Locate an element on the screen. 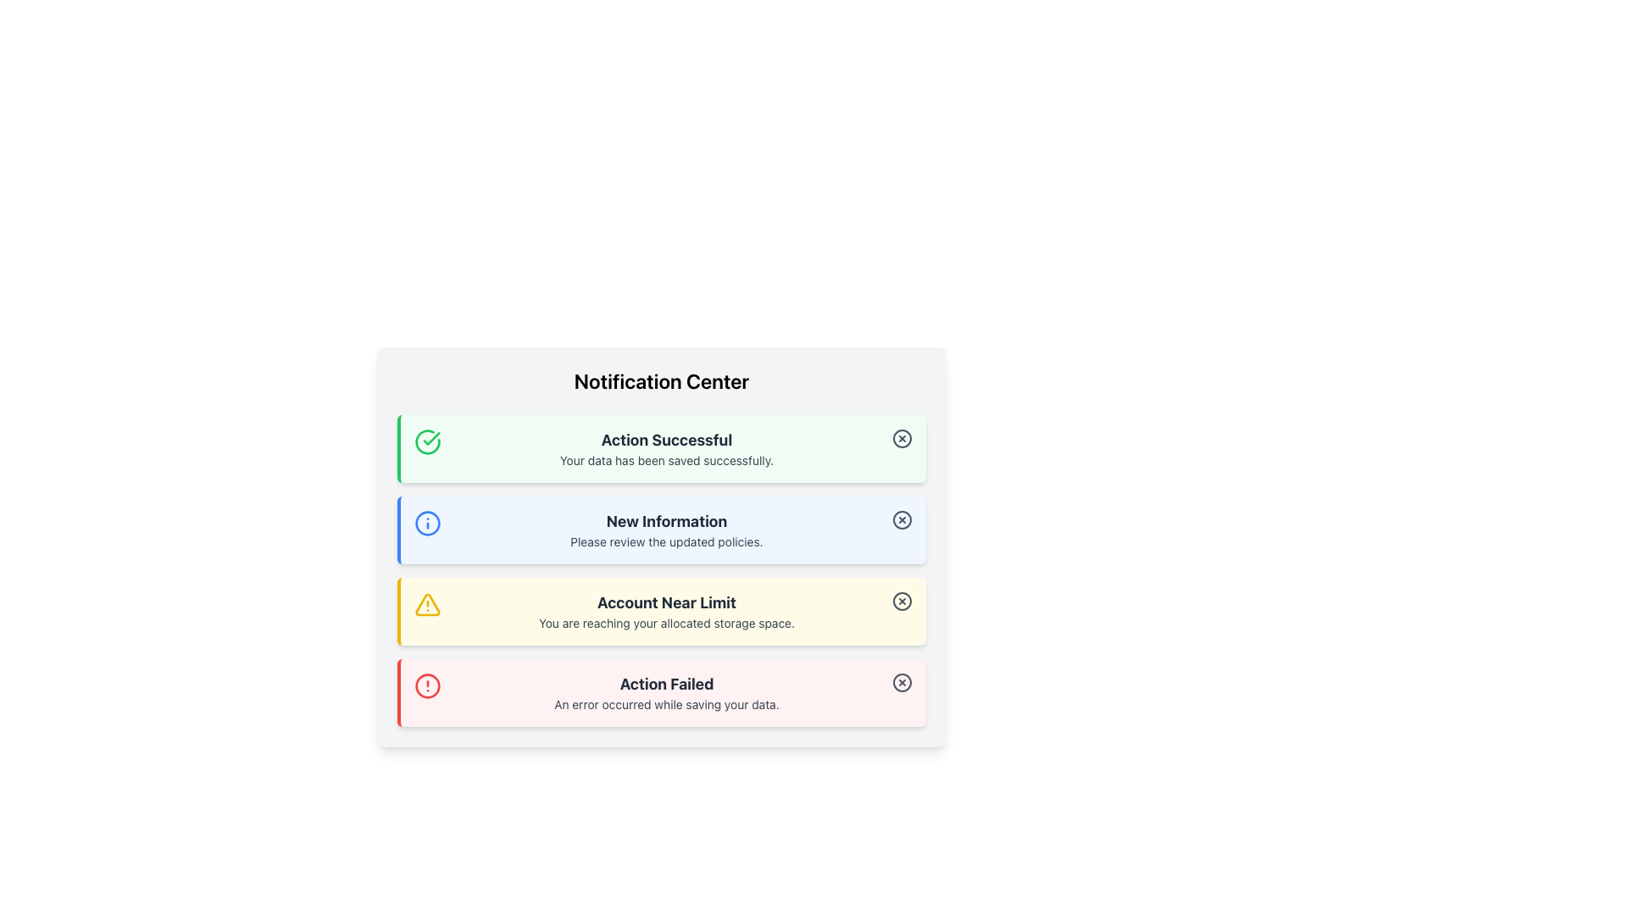 The image size is (1627, 915). the warning text indicating nearing allocated storage space, which is located below the bold headline 'Account Near Limit' within a yellow background section is located at coordinates (666, 624).